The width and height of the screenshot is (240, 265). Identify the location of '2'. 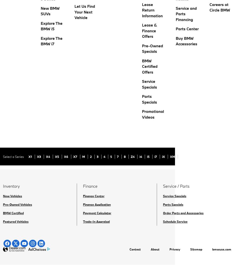
(91, 156).